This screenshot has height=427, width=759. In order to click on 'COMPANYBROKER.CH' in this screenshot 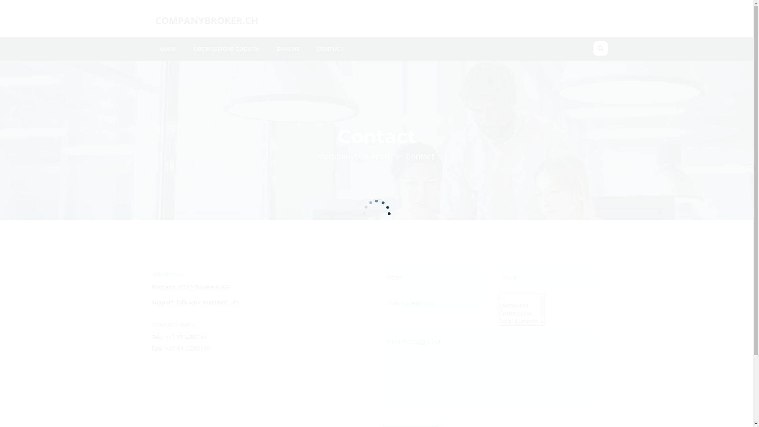, I will do `click(206, 21)`.